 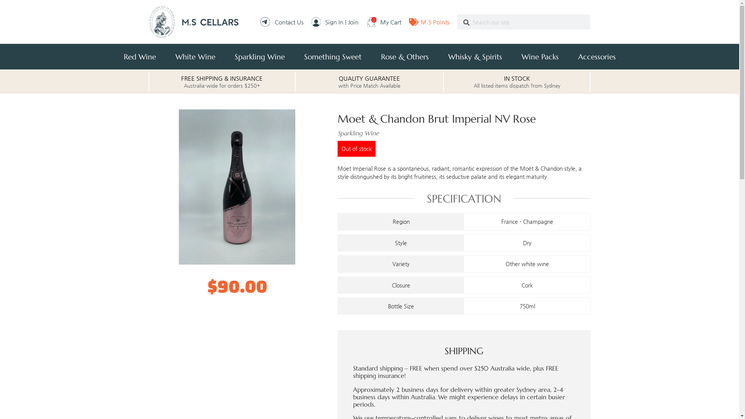 What do you see at coordinates (366, 21) in the screenshot?
I see `'My Cart'` at bounding box center [366, 21].